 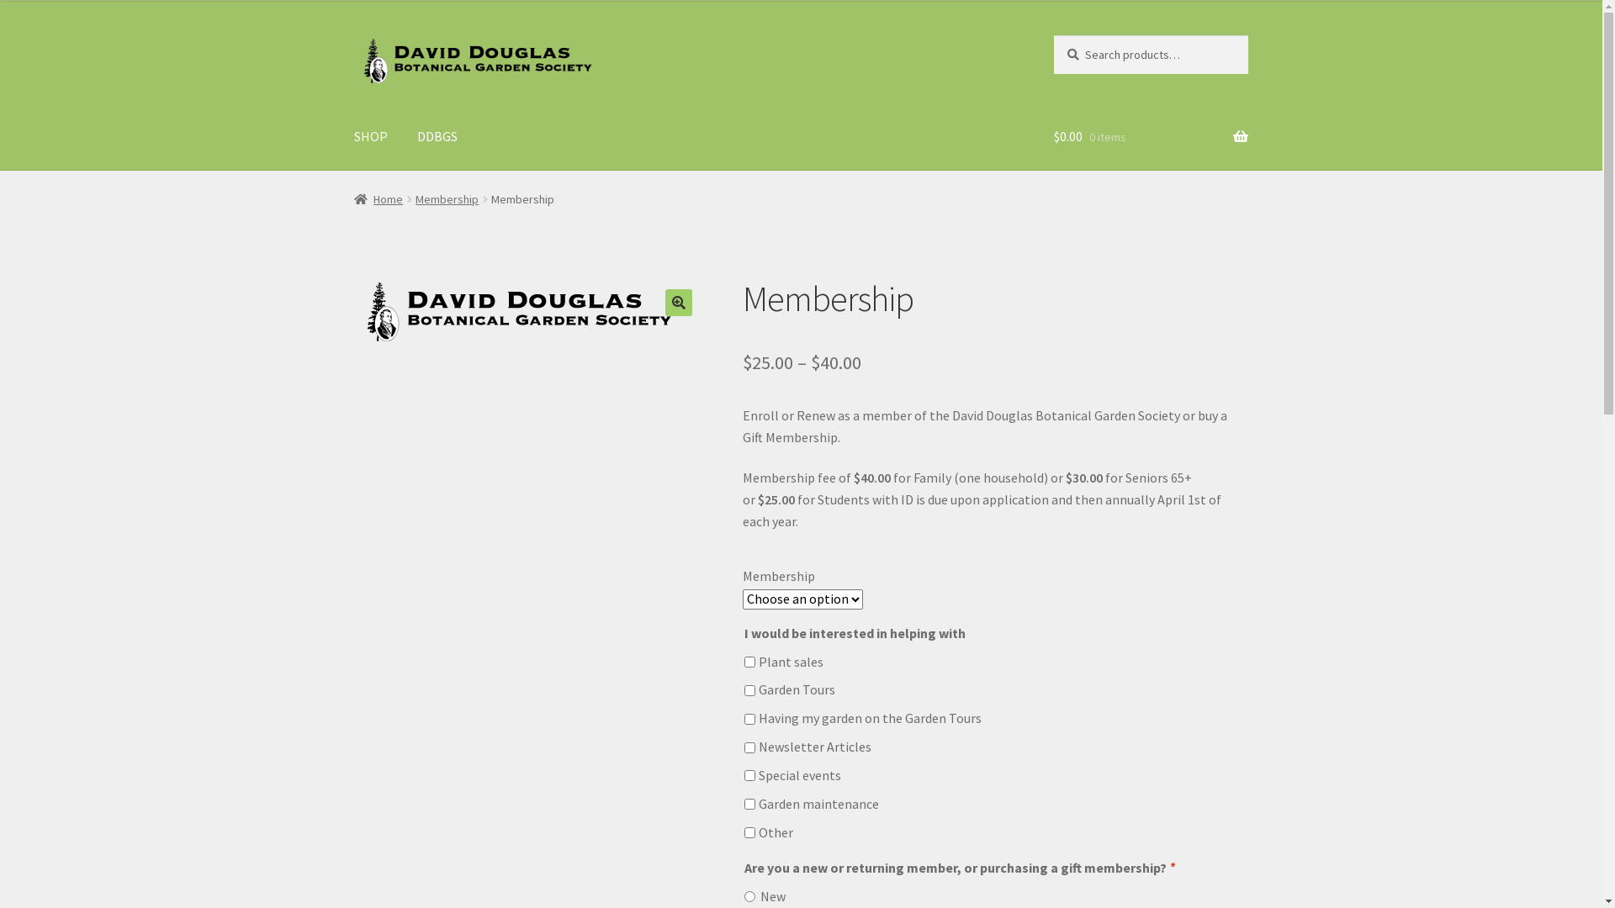 I want to click on 'SHOP', so click(x=370, y=137).